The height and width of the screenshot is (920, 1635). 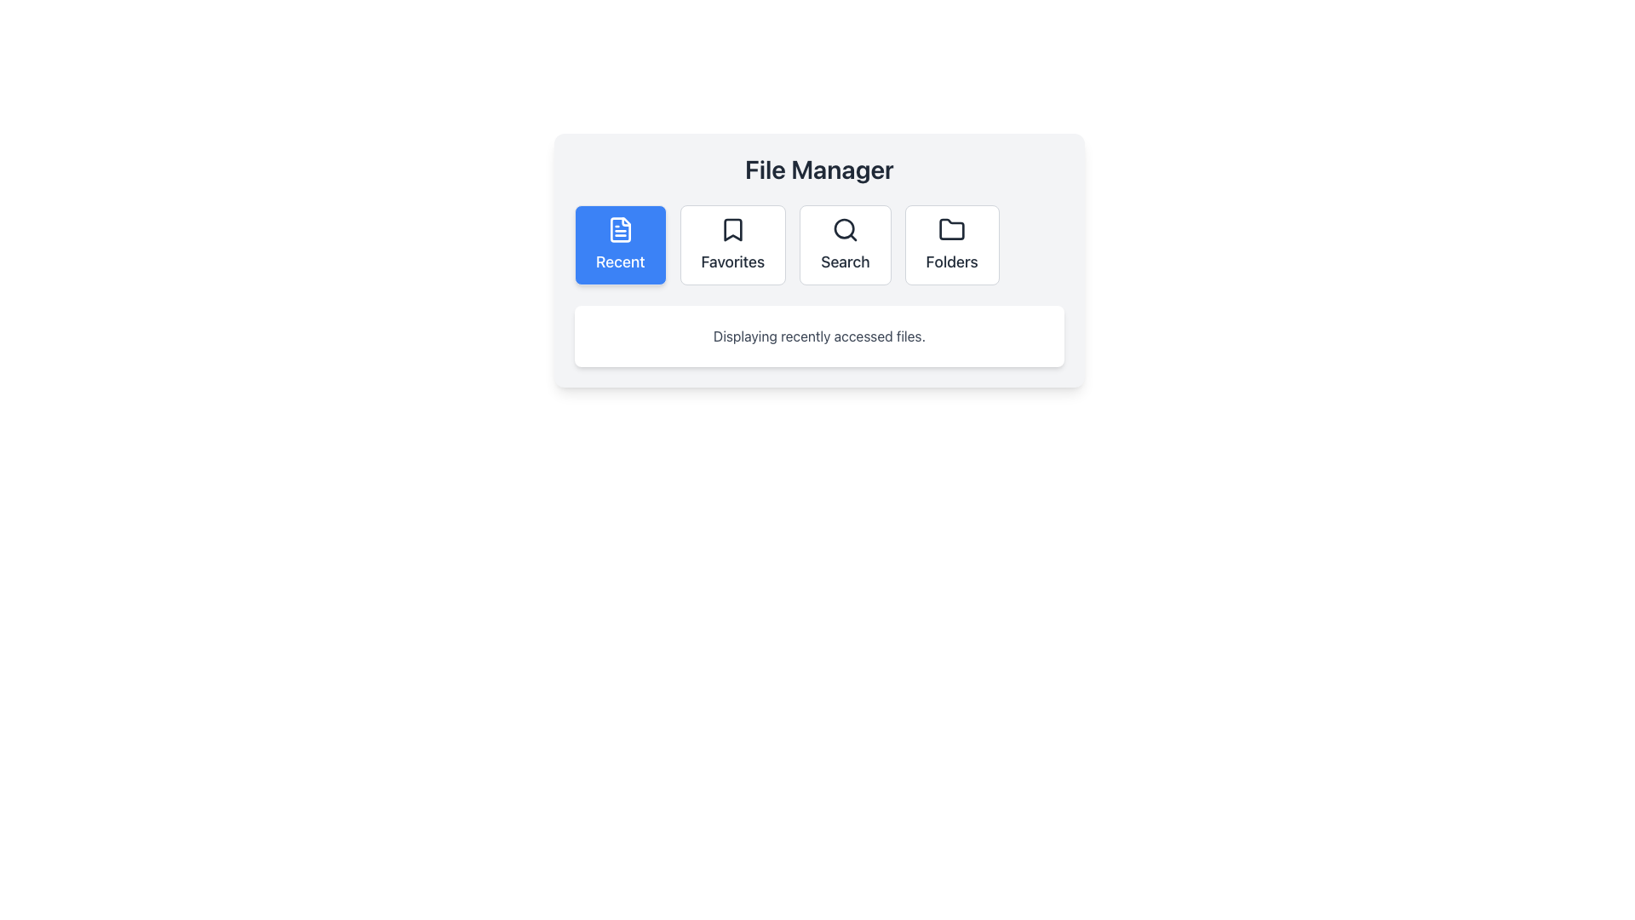 What do you see at coordinates (732, 230) in the screenshot?
I see `the bookmark icon in the Favorites section of the navigation panel` at bounding box center [732, 230].